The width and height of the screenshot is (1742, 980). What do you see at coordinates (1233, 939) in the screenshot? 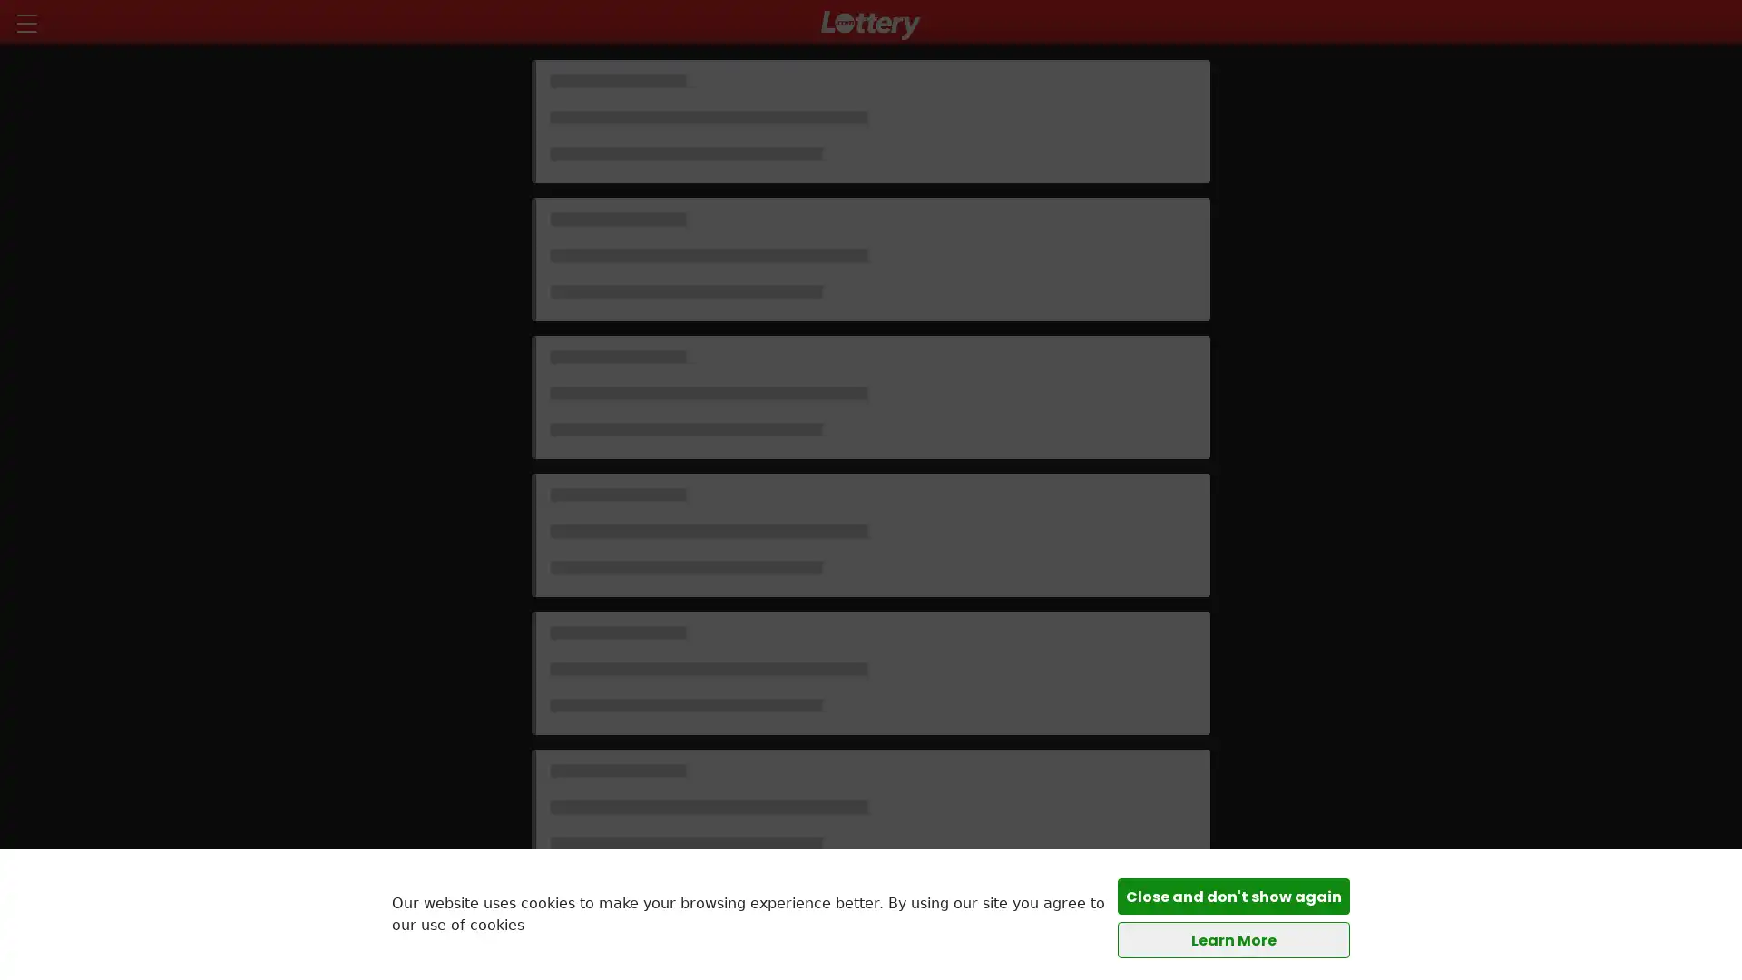
I see `Learn More` at bounding box center [1233, 939].